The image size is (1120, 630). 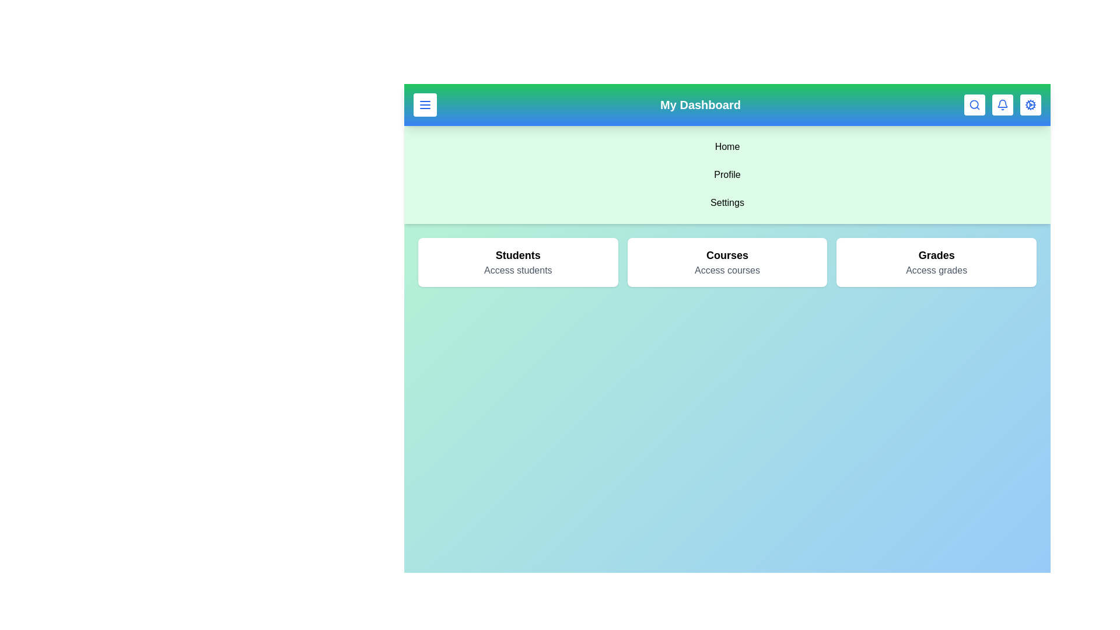 I want to click on the Grades card in the main content area, so click(x=937, y=262).